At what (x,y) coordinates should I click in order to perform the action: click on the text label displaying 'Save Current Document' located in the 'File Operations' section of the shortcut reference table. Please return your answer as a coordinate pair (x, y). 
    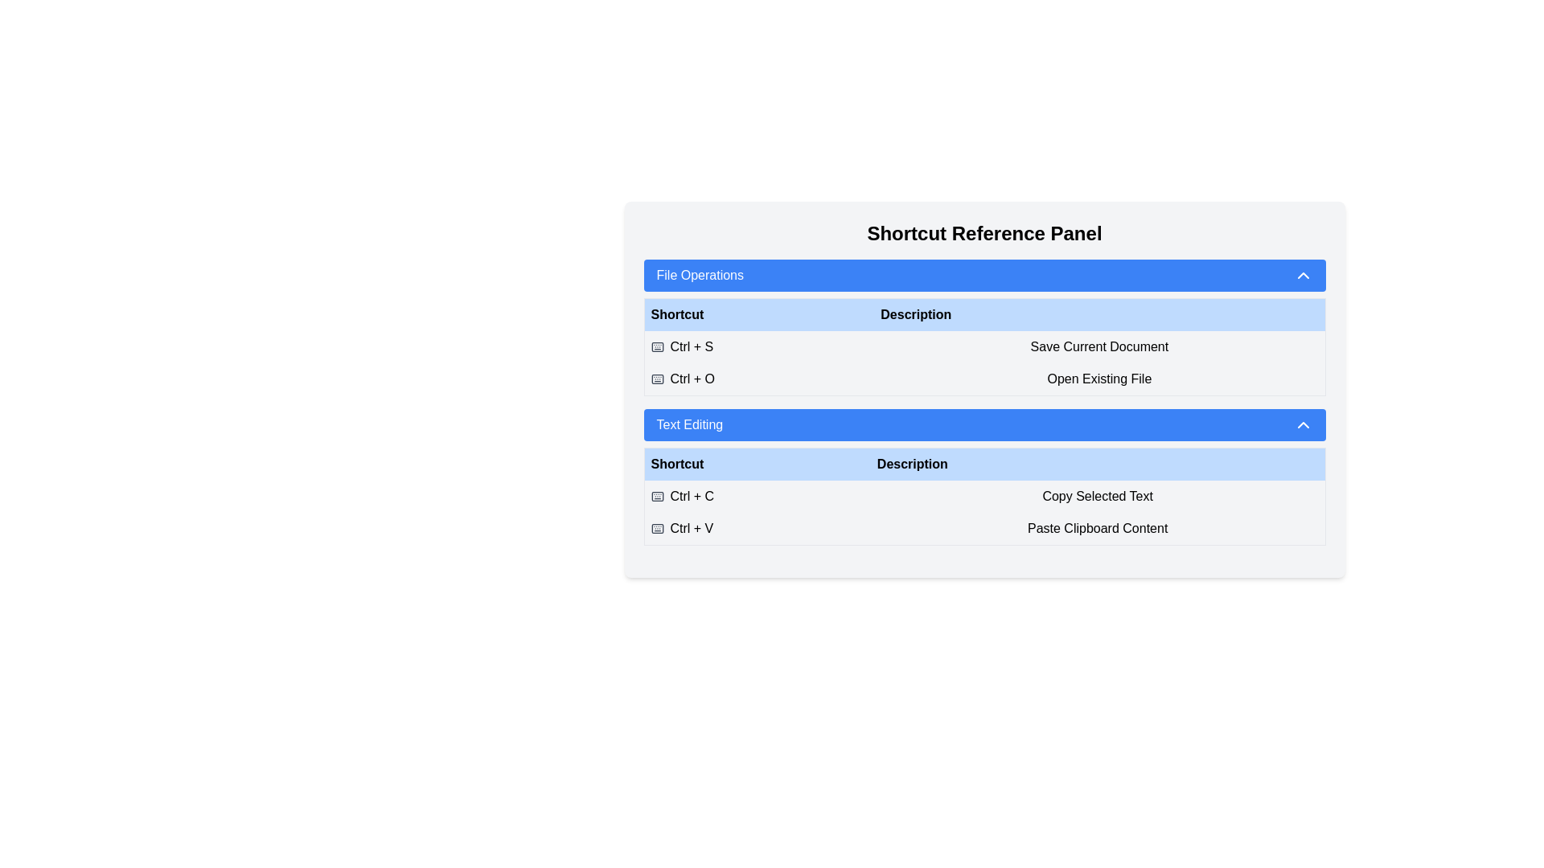
    Looking at the image, I should click on (1098, 346).